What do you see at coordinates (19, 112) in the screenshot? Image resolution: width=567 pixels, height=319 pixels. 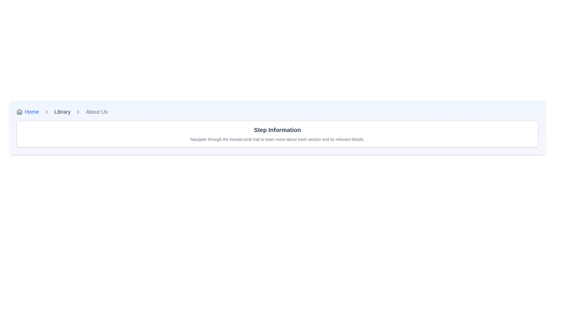 I see `the house-shaped icon` at bounding box center [19, 112].